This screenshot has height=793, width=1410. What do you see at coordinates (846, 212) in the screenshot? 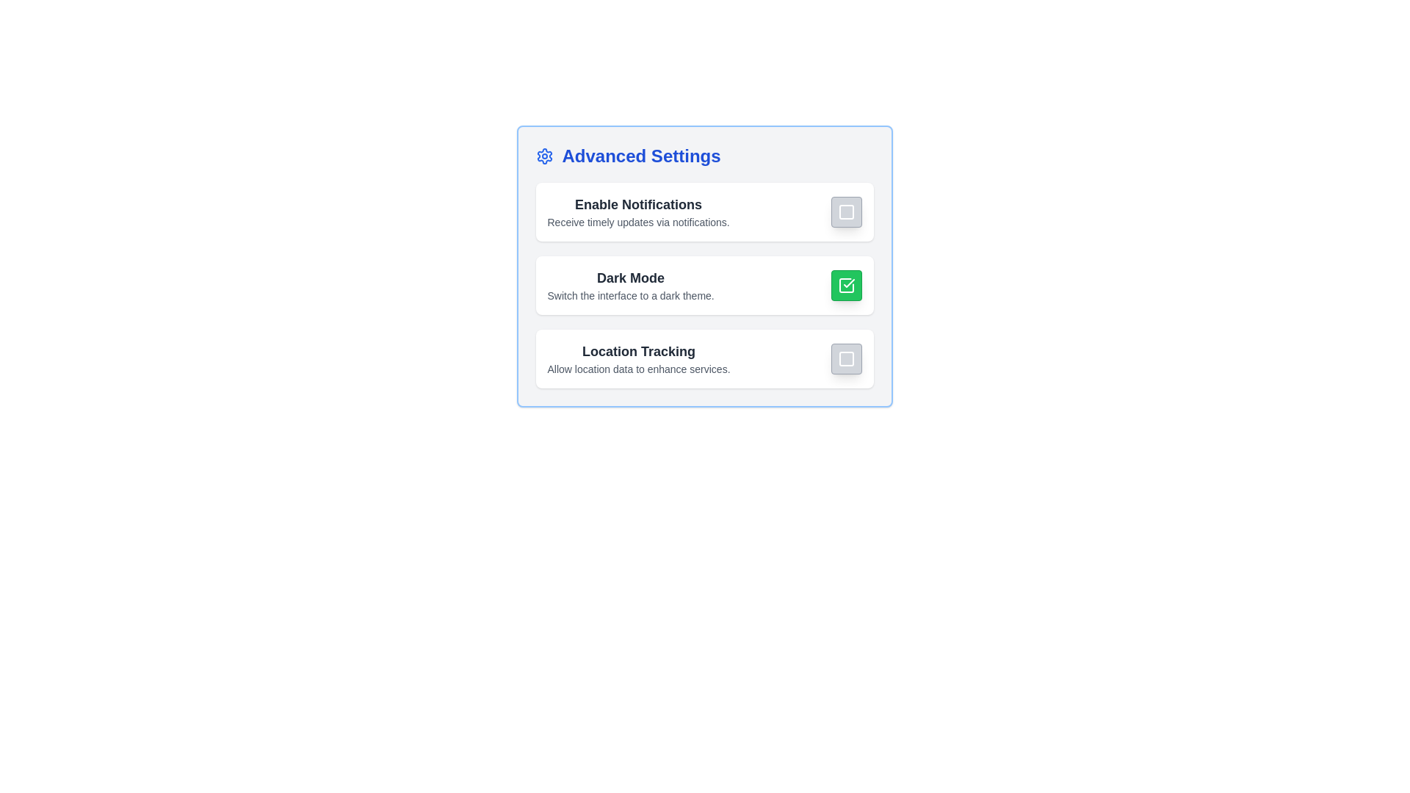
I see `the interactive toggle button located to the right of the 'Enable Notifications' text in the 'Advanced Settings' section to observe any interactive effects` at bounding box center [846, 212].